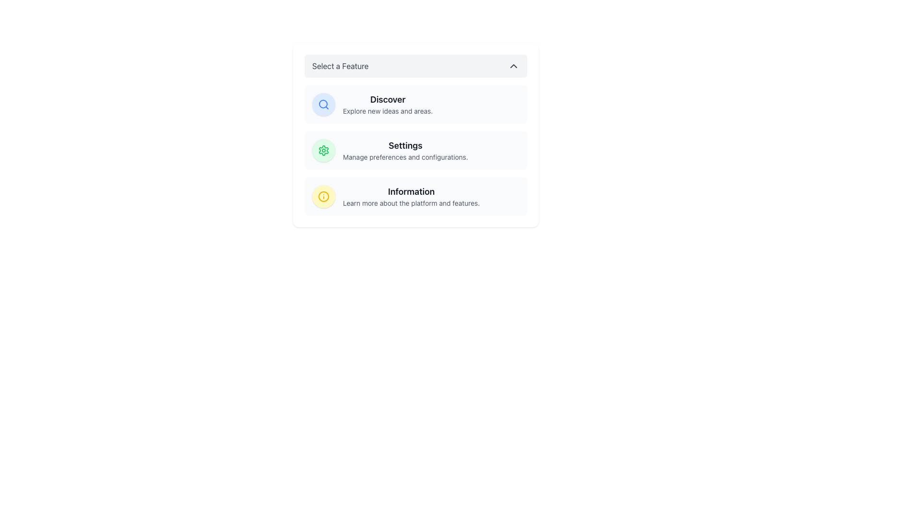 The height and width of the screenshot is (518, 921). What do you see at coordinates (323, 104) in the screenshot?
I see `the circular UI component of the SVG graphic that is part of the search icon, located at the top portion of the 'Select a Feature' list` at bounding box center [323, 104].